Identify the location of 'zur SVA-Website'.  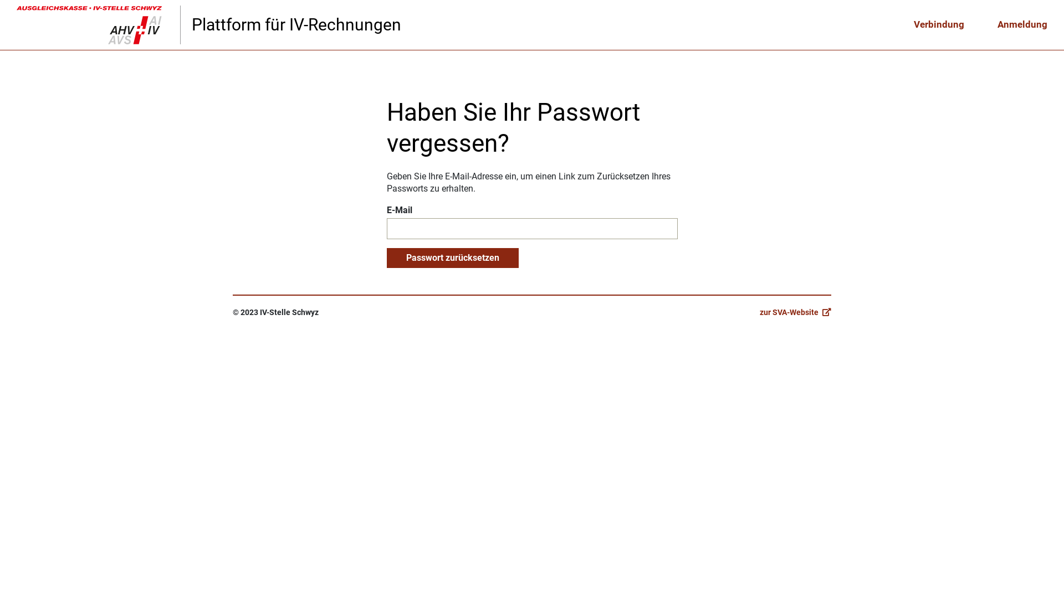
(759, 312).